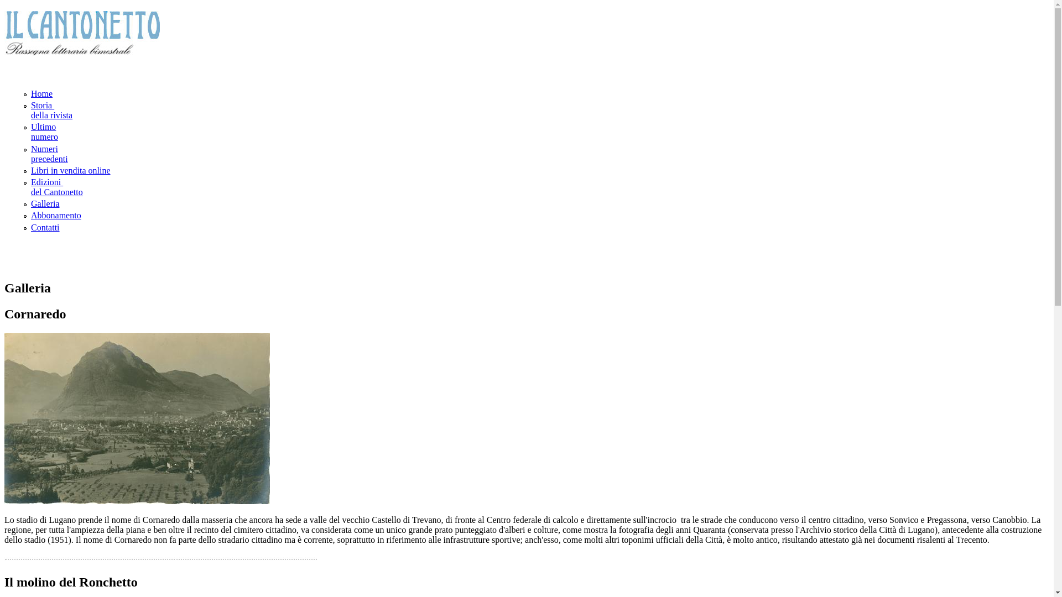 The image size is (1062, 597). I want to click on 'Home', so click(41, 93).